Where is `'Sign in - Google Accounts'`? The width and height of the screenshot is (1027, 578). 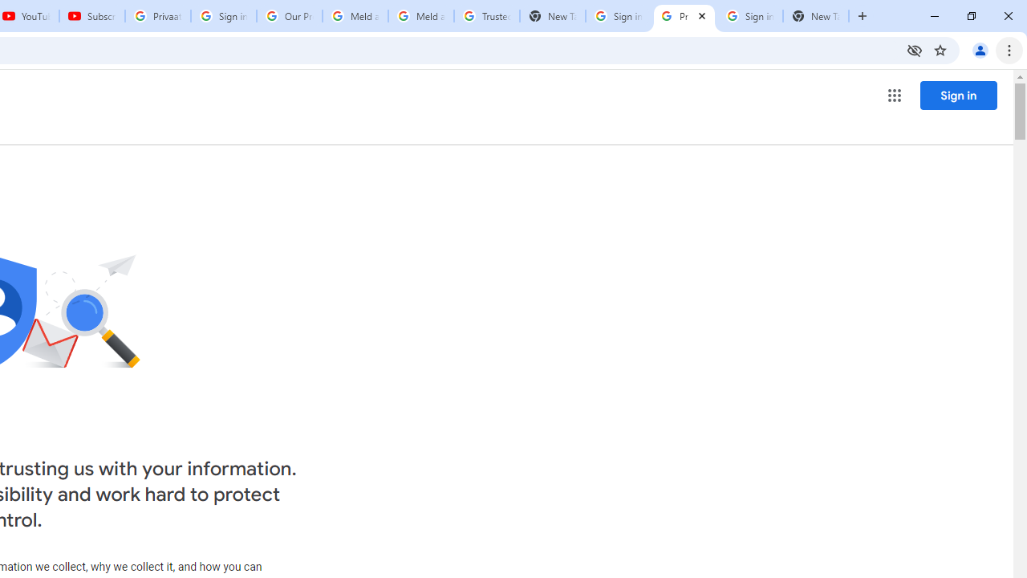 'Sign in - Google Accounts' is located at coordinates (617, 16).